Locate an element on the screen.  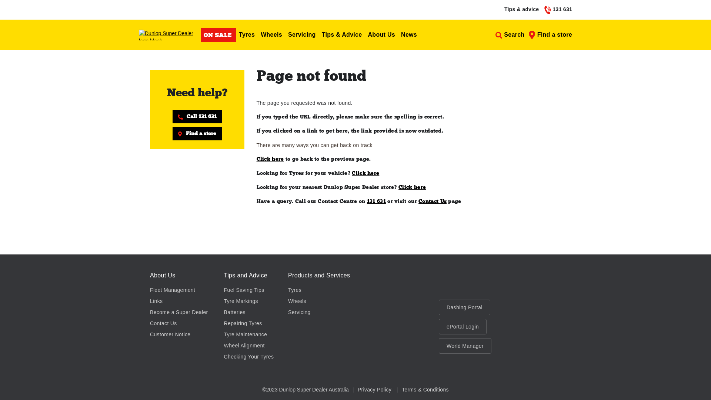
'Fleet Management' is located at coordinates (172, 290).